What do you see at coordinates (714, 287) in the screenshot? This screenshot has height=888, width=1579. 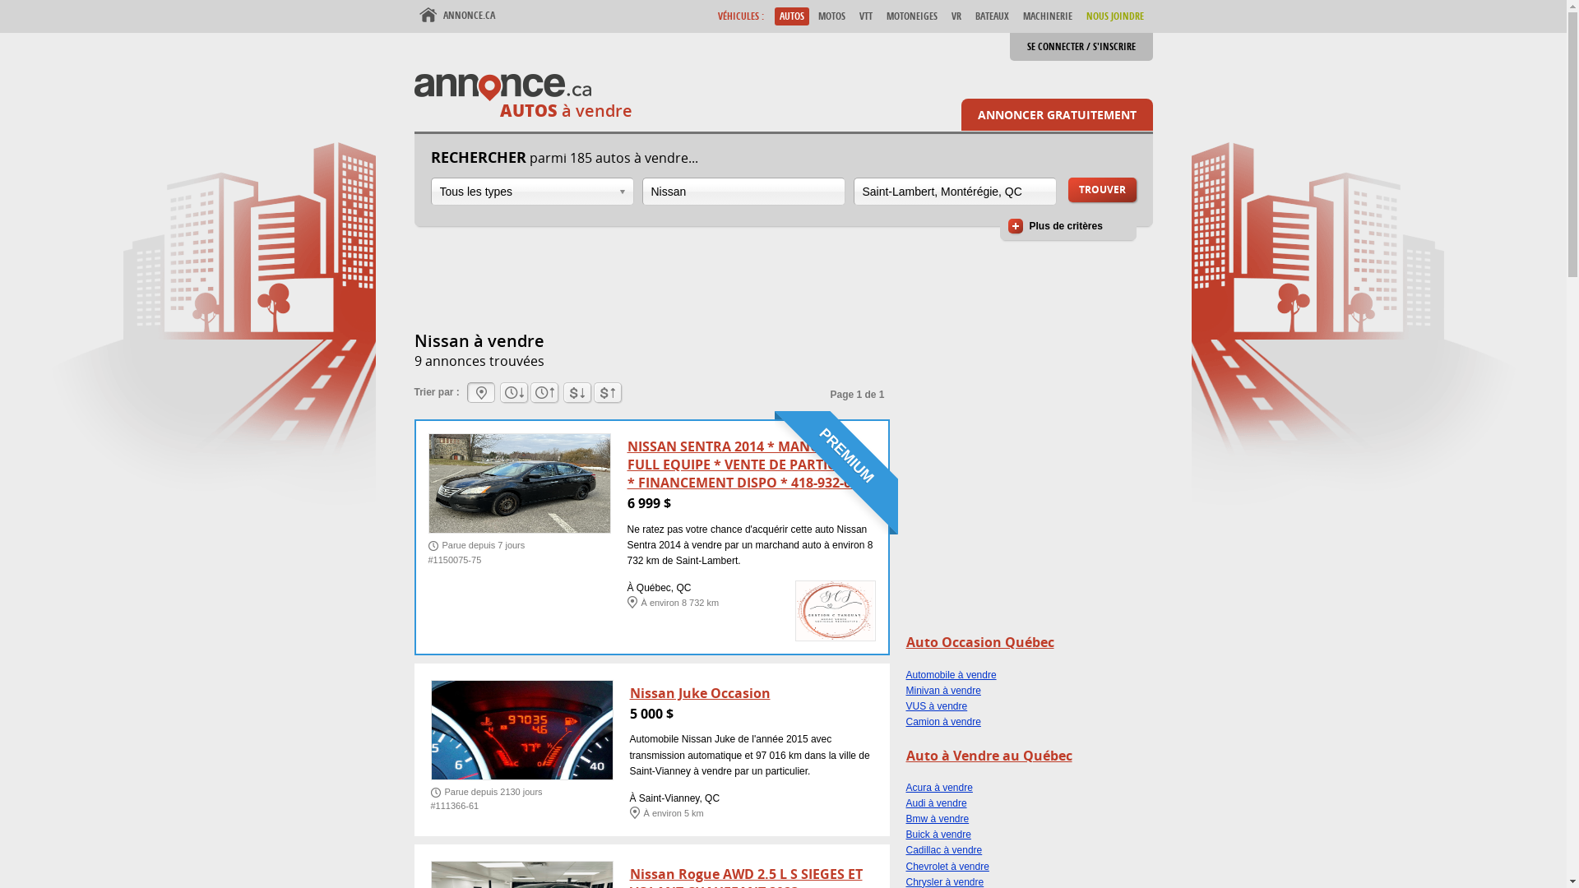 I see `'Advertisement'` at bounding box center [714, 287].